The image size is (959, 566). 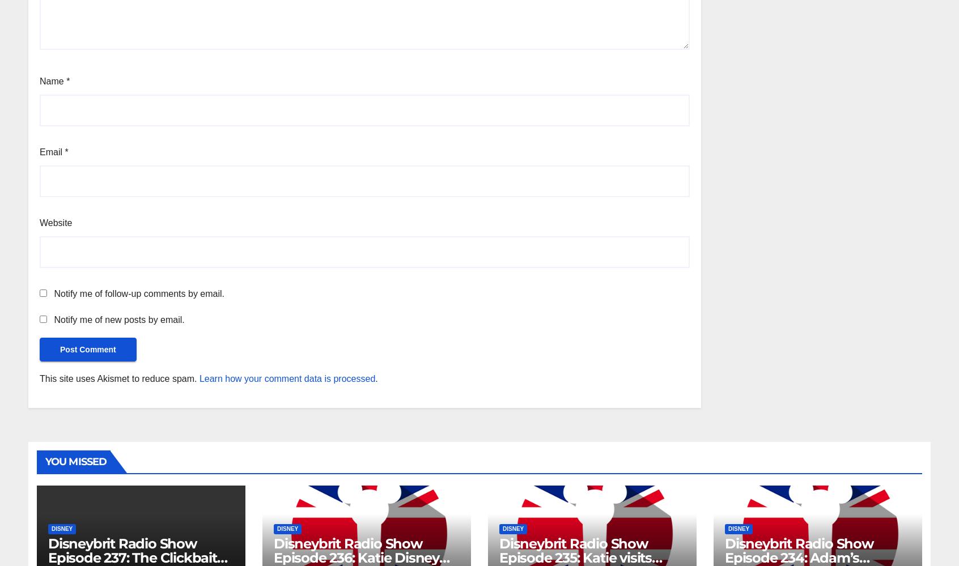 What do you see at coordinates (118, 378) in the screenshot?
I see `'This site uses Akismet to reduce spam.'` at bounding box center [118, 378].